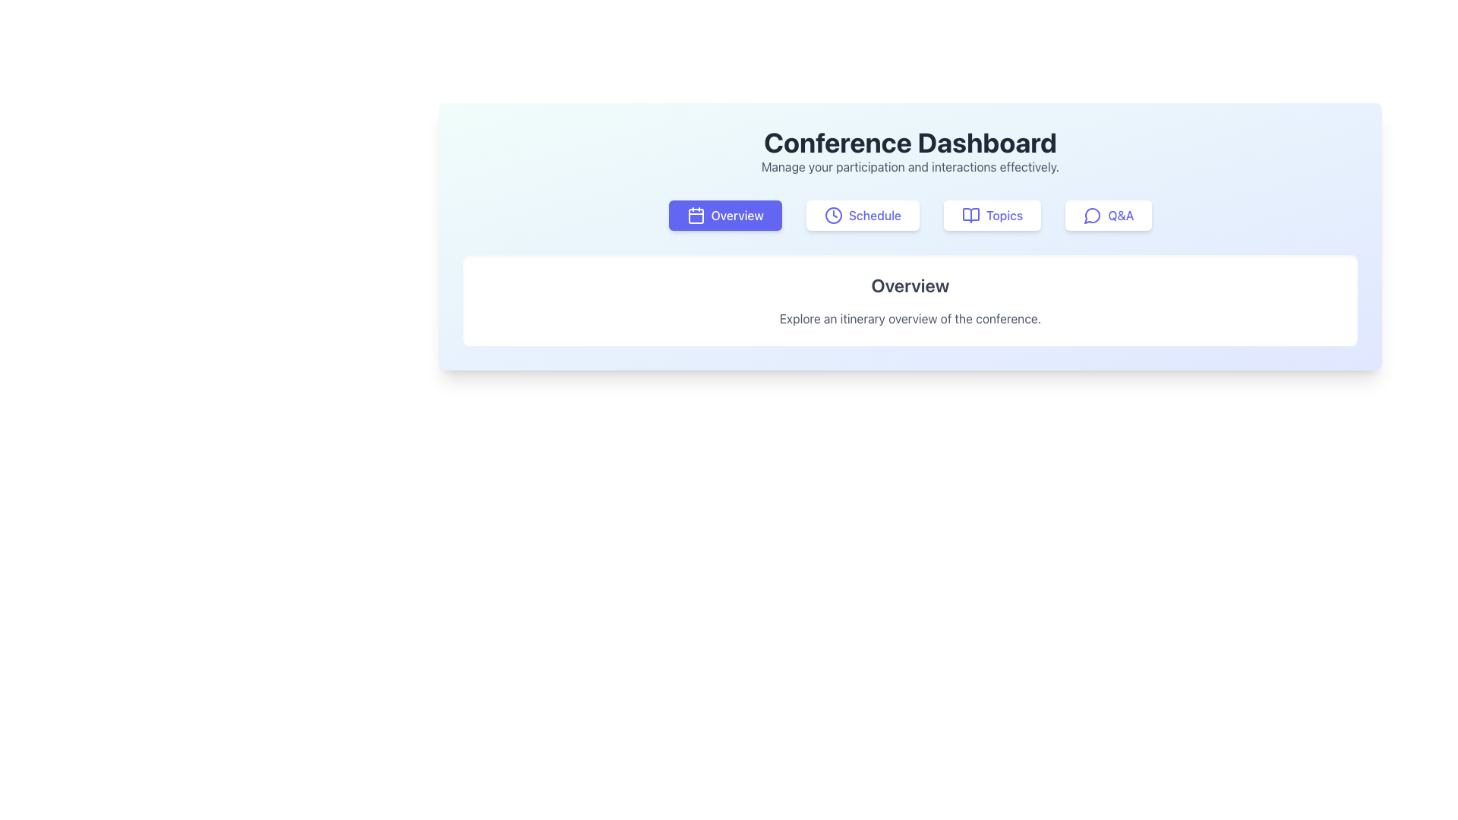 The width and height of the screenshot is (1458, 820). Describe the element at coordinates (695, 216) in the screenshot. I see `the rounded rectangle component of the calendar icon located in the 'Overview' tab button` at that location.